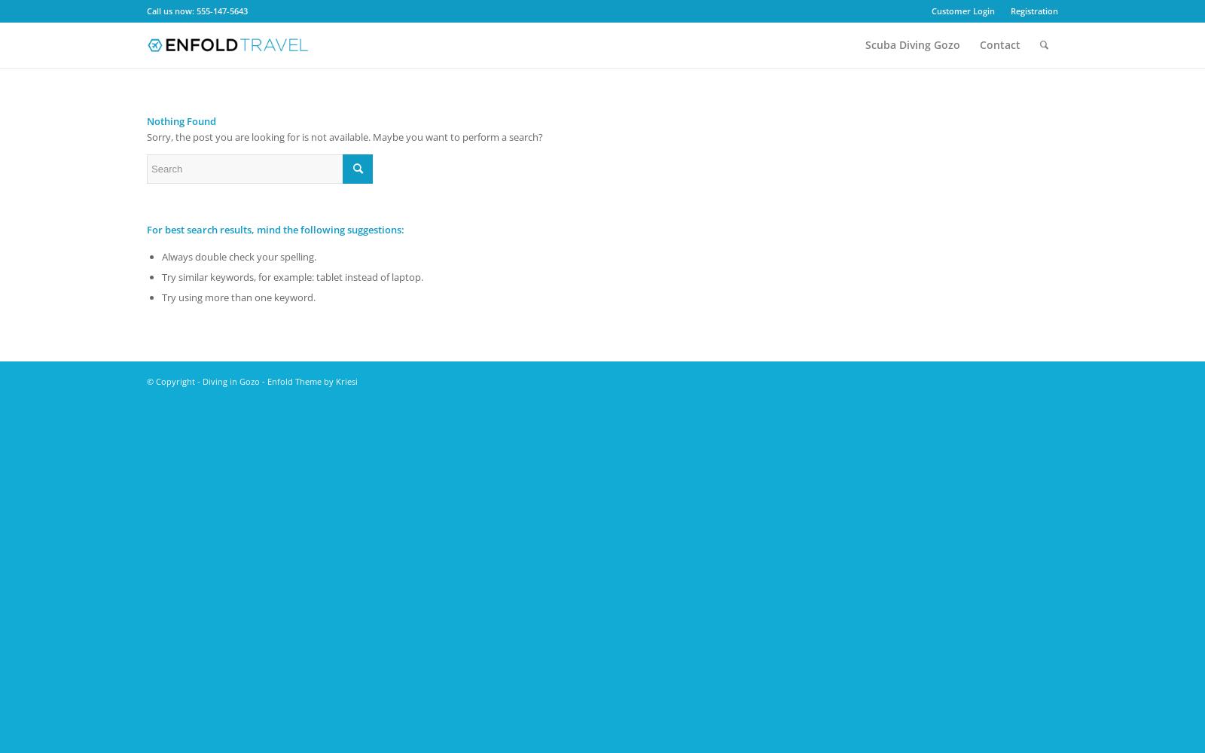 The width and height of the screenshot is (1205, 753). I want to click on 'Call us now: 555-147-5643', so click(146, 11).